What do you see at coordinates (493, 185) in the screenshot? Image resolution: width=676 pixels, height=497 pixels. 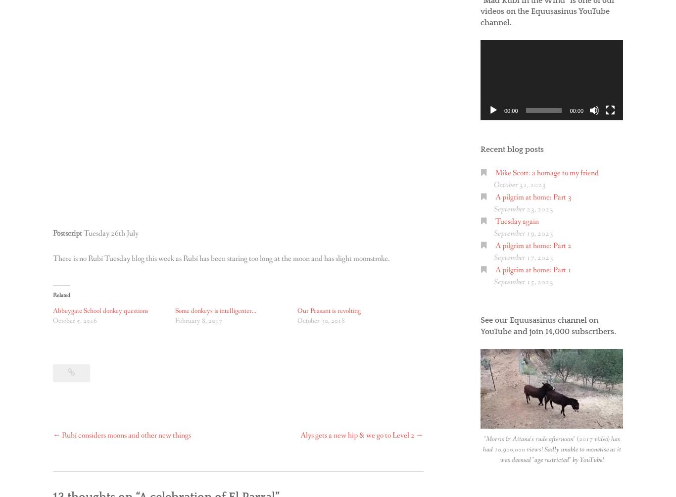 I see `'October 31, 2023'` at bounding box center [493, 185].